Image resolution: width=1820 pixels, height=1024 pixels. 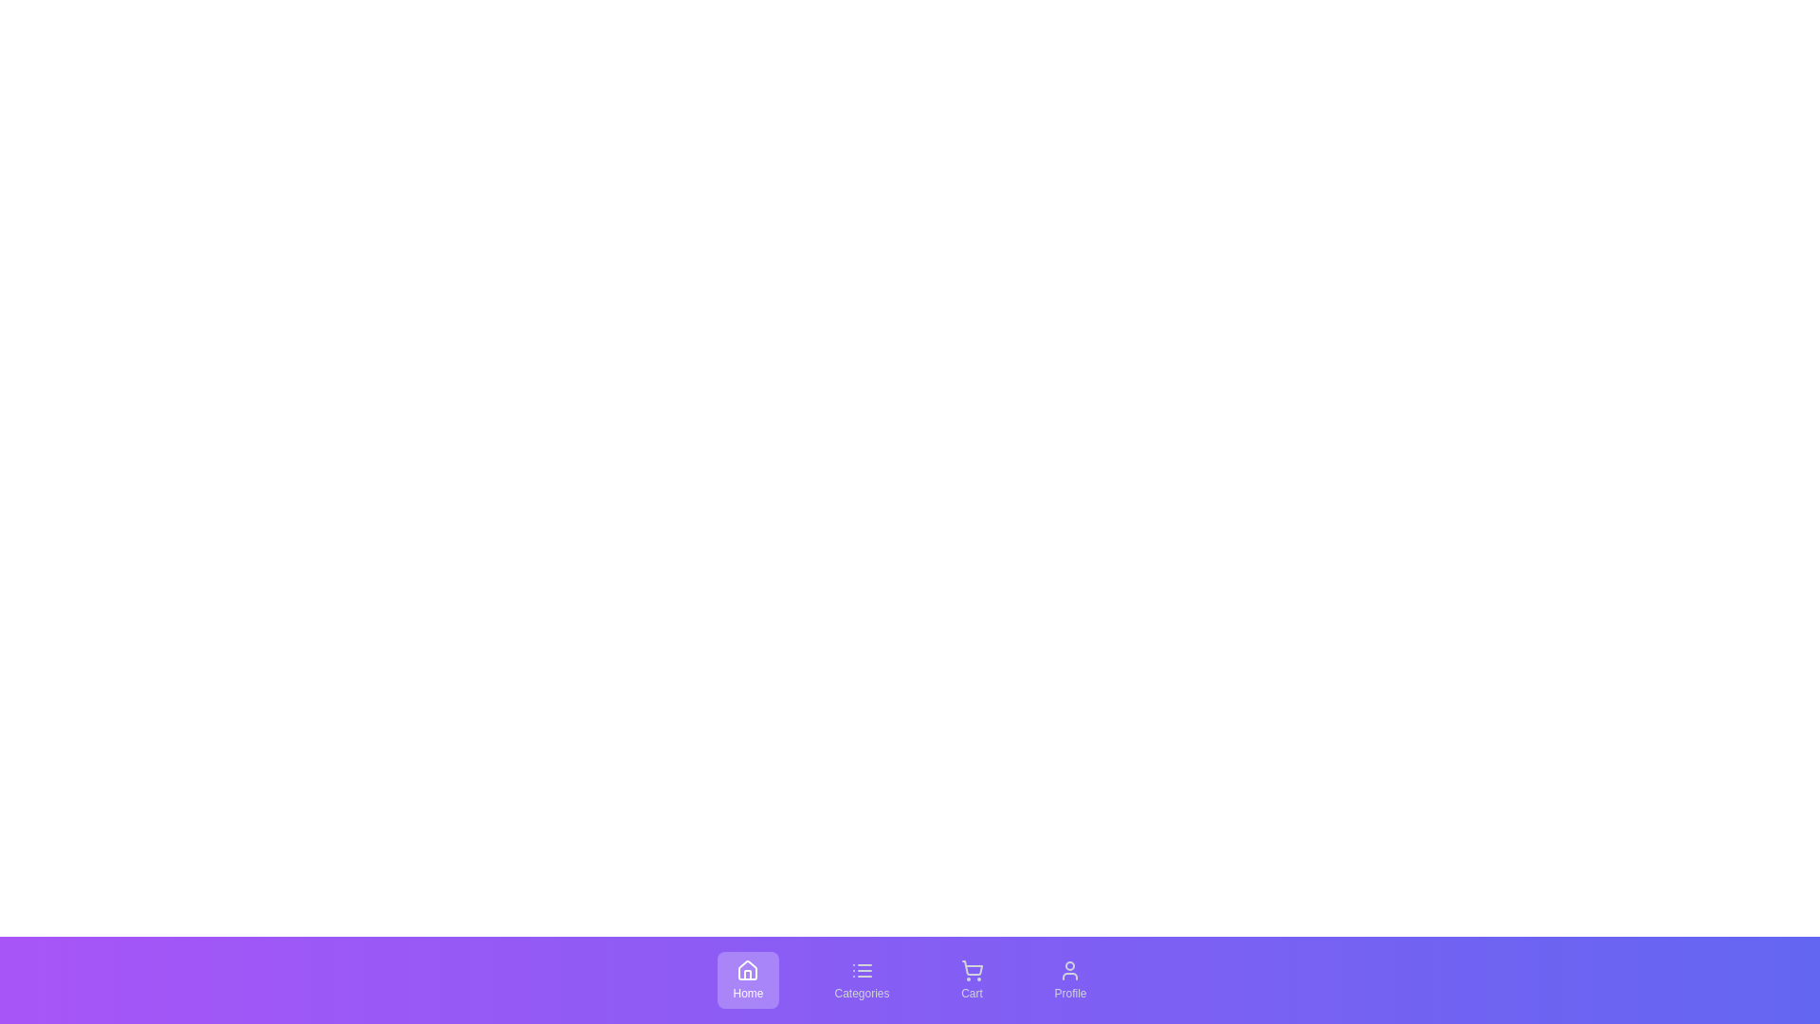 What do you see at coordinates (861, 979) in the screenshot?
I see `the tab corresponding to Categories` at bounding box center [861, 979].